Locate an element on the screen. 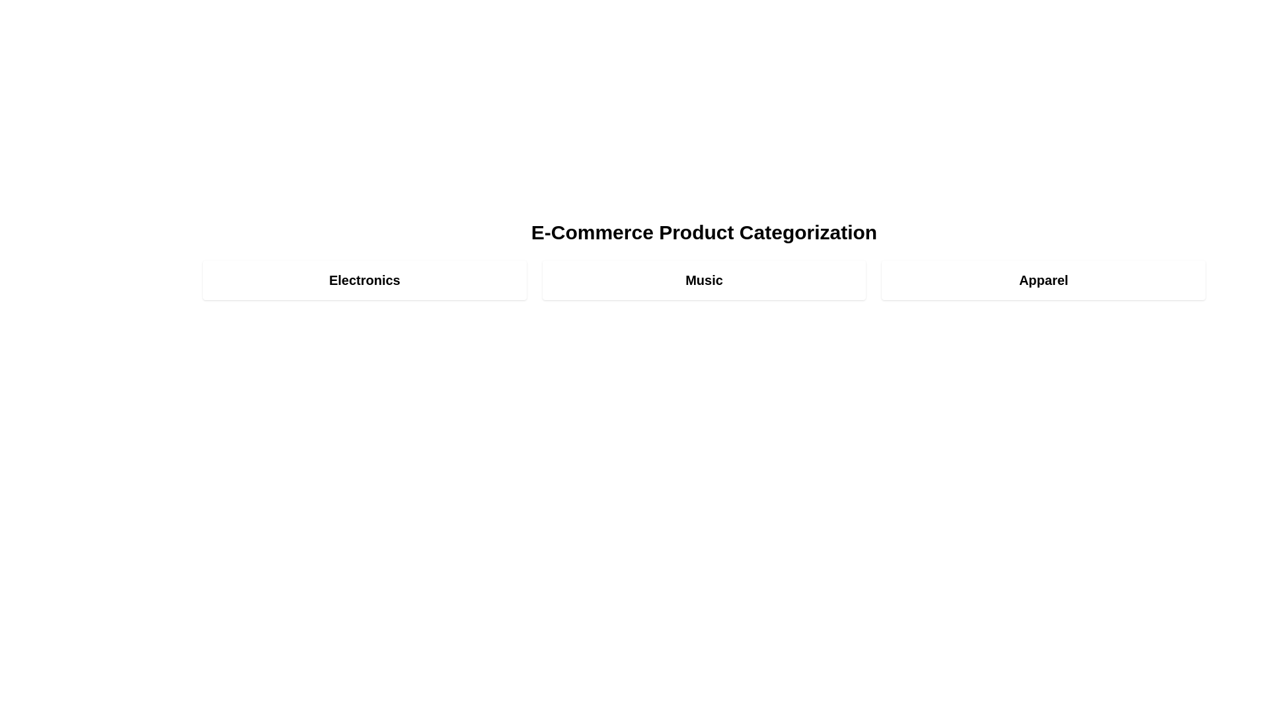 This screenshot has width=1269, height=714. the Electronics category to interact with its list is located at coordinates (364, 280).